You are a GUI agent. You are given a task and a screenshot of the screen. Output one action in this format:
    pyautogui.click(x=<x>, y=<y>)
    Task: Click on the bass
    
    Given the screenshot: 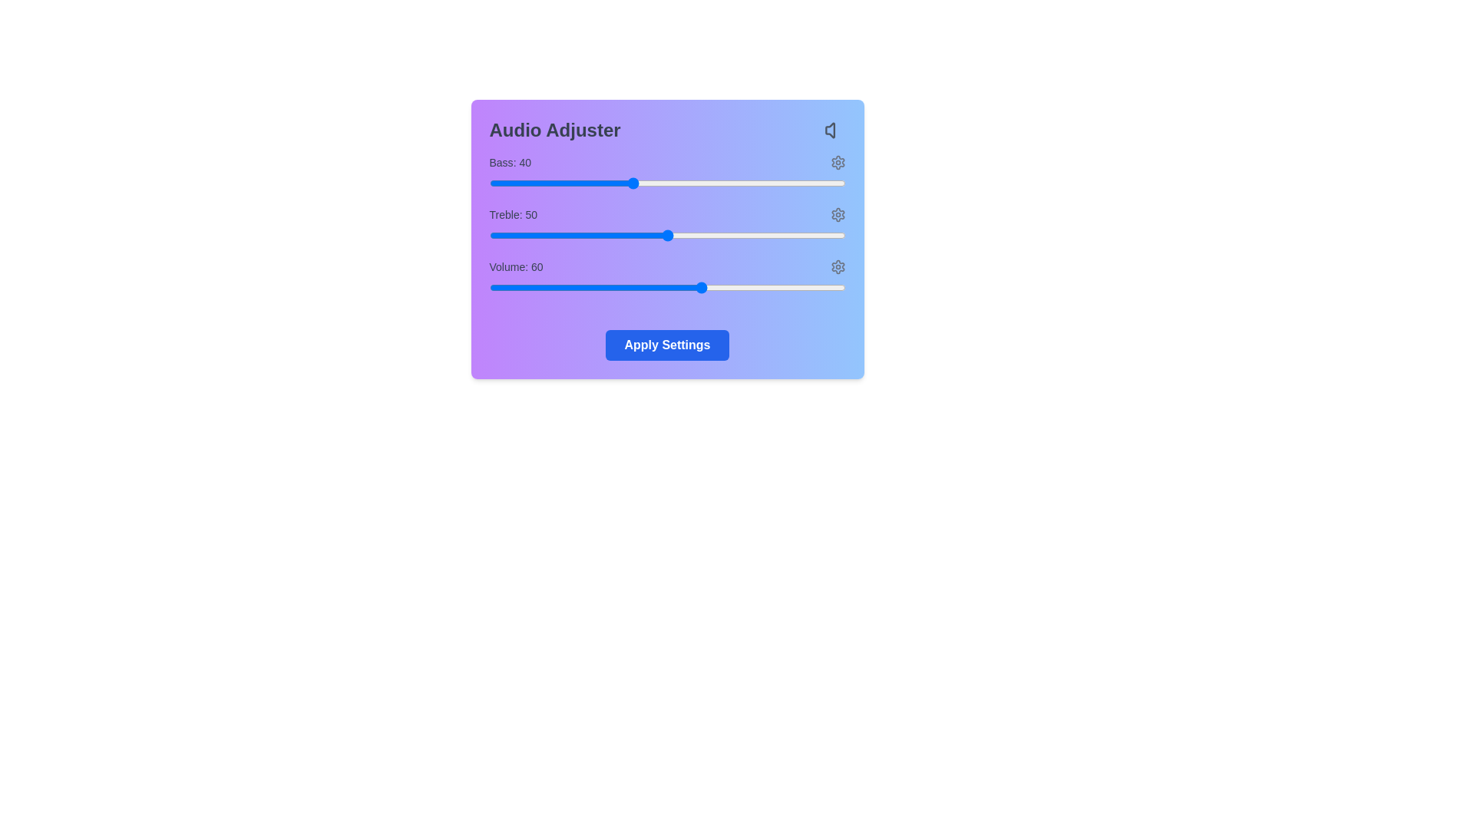 What is the action you would take?
    pyautogui.click(x=584, y=177)
    